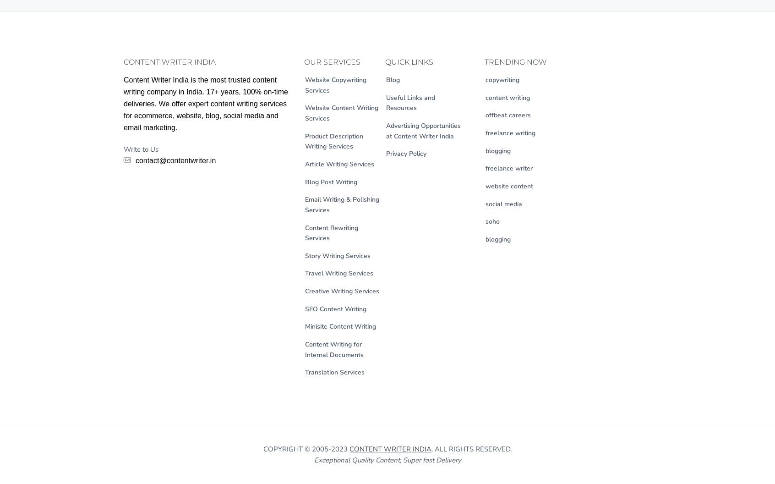 The height and width of the screenshot is (484, 775). What do you see at coordinates (386, 80) in the screenshot?
I see `'Blog'` at bounding box center [386, 80].